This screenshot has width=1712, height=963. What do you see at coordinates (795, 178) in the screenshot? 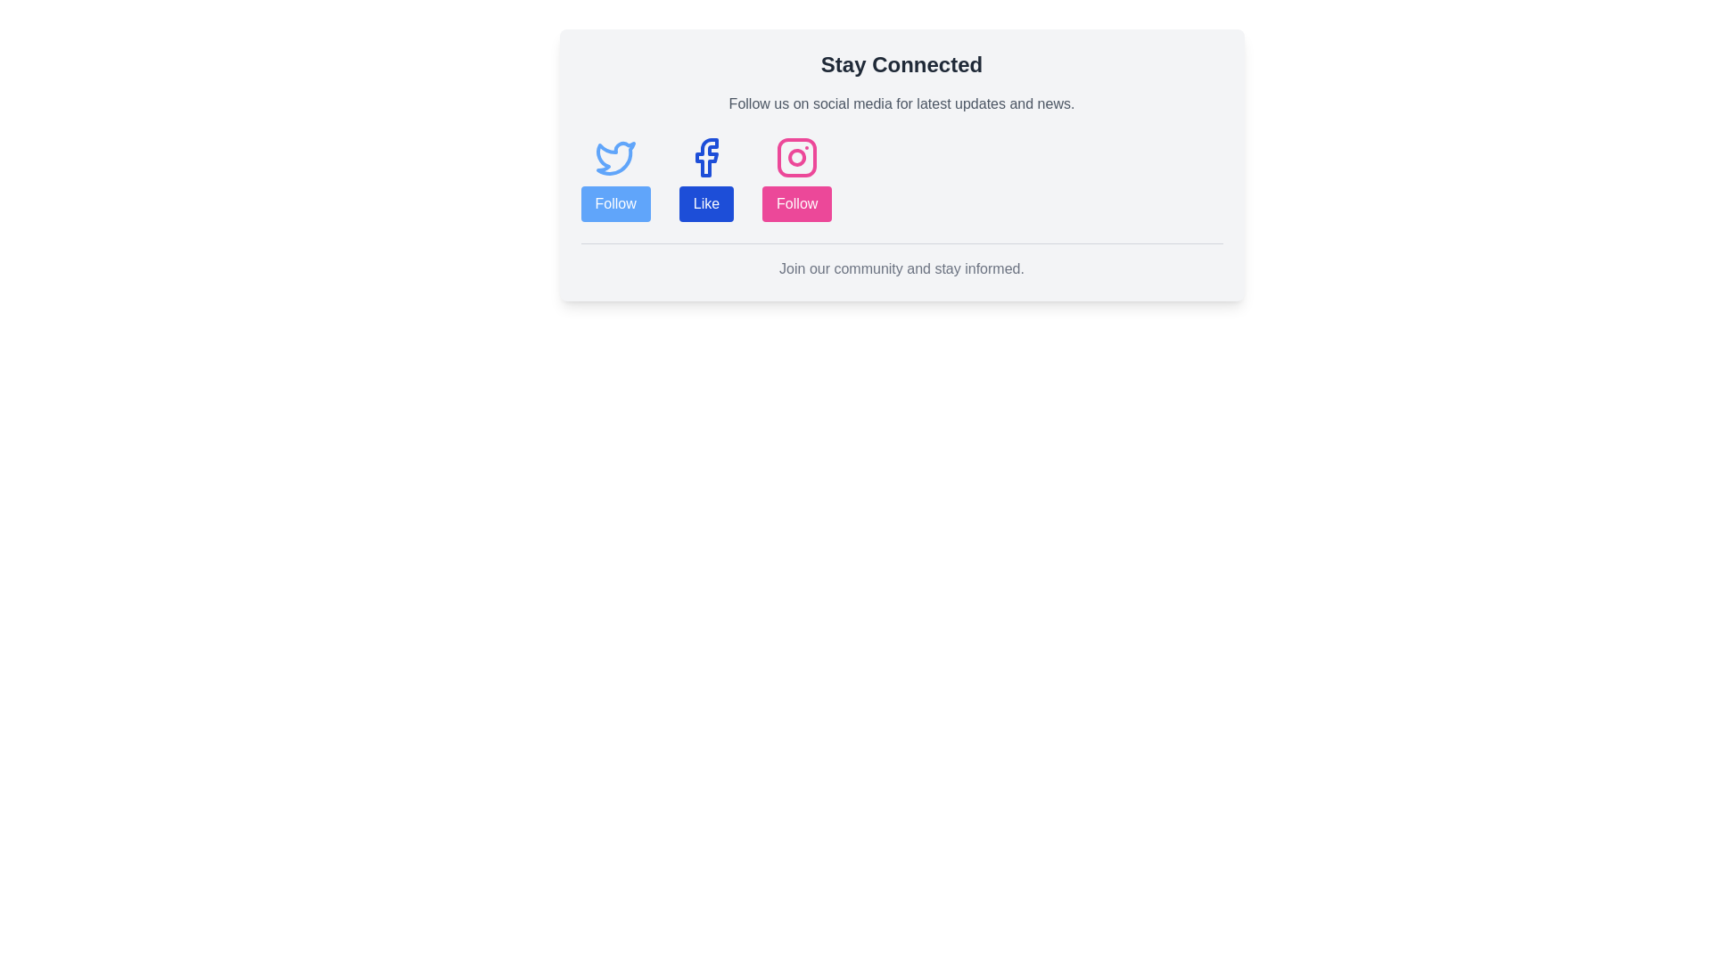
I see `the Instagram follow button, which is the third interactive element in a horizontal grouping of social media buttons` at bounding box center [795, 178].